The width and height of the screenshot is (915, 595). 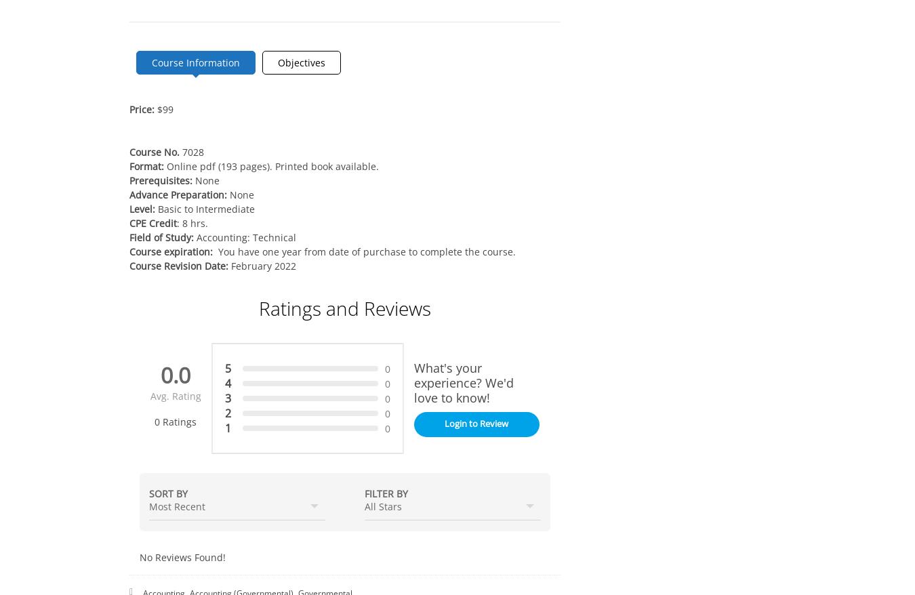 What do you see at coordinates (226, 398) in the screenshot?
I see `'3'` at bounding box center [226, 398].